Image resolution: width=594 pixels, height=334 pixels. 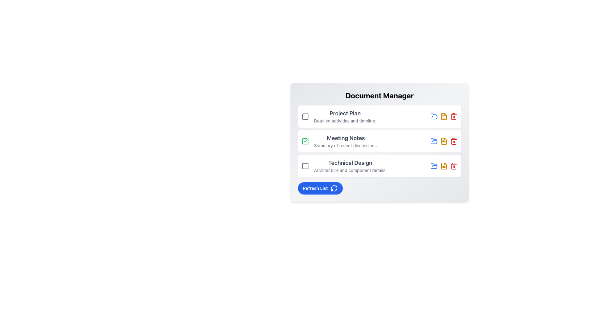 What do you see at coordinates (379, 141) in the screenshot?
I see `the title 'Meeting Notes' in the Interactive list item` at bounding box center [379, 141].